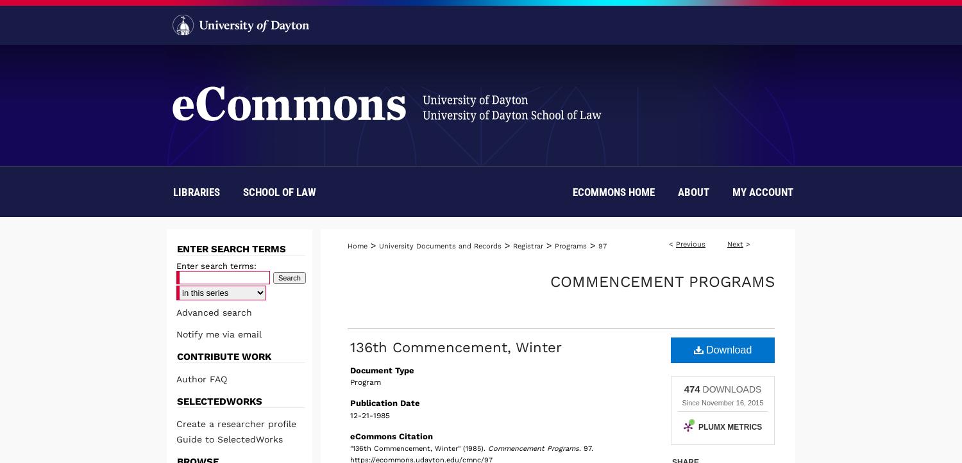  I want to click on 'School of Law', so click(280, 191).